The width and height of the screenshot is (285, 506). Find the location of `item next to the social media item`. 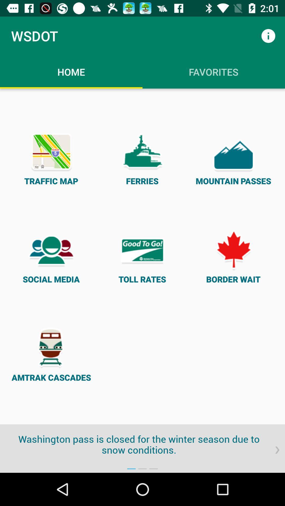

item next to the social media item is located at coordinates (142, 256).